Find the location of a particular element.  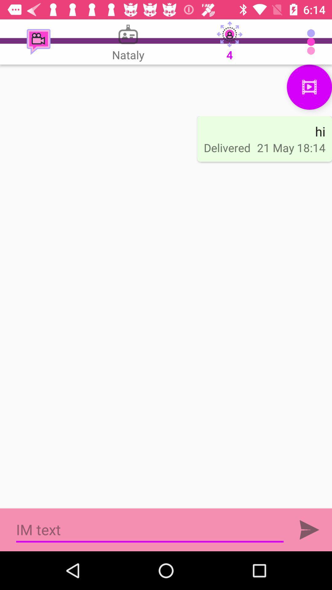

advertisement is located at coordinates (150, 529).